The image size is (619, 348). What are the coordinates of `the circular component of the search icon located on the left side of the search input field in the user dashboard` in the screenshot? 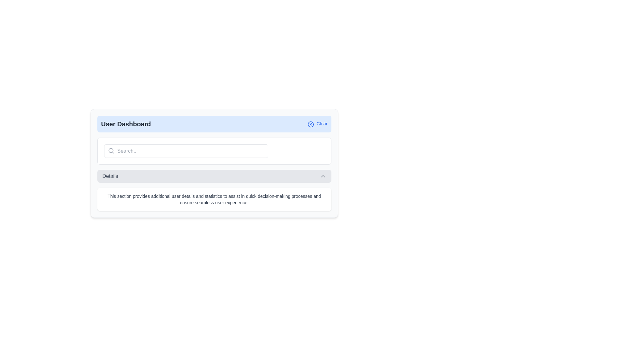 It's located at (111, 150).